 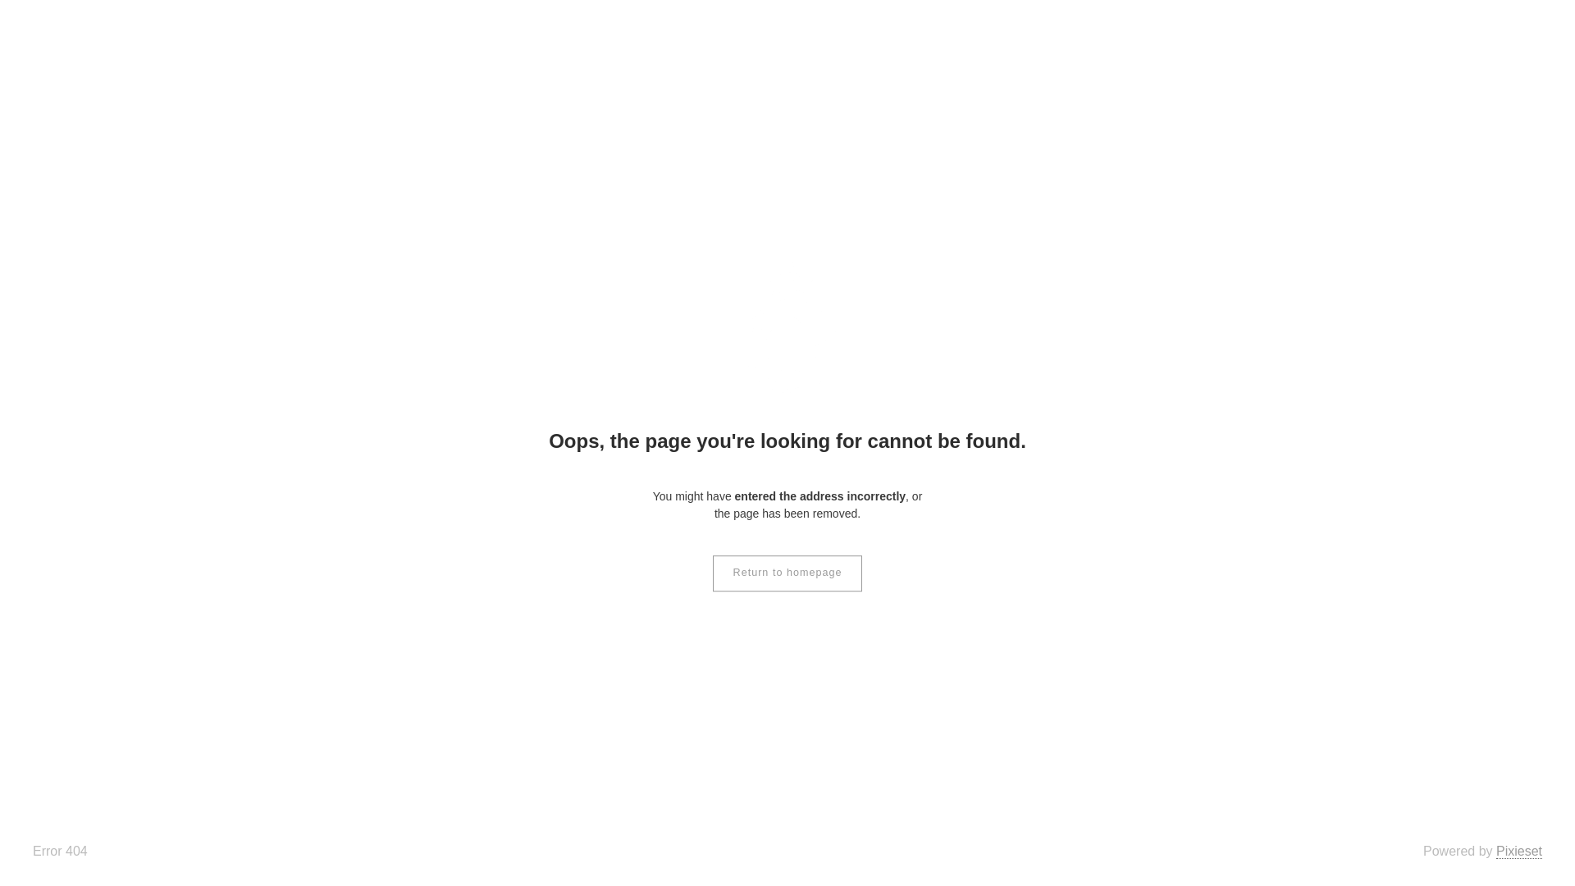 What do you see at coordinates (787, 572) in the screenshot?
I see `'Return to homepage'` at bounding box center [787, 572].